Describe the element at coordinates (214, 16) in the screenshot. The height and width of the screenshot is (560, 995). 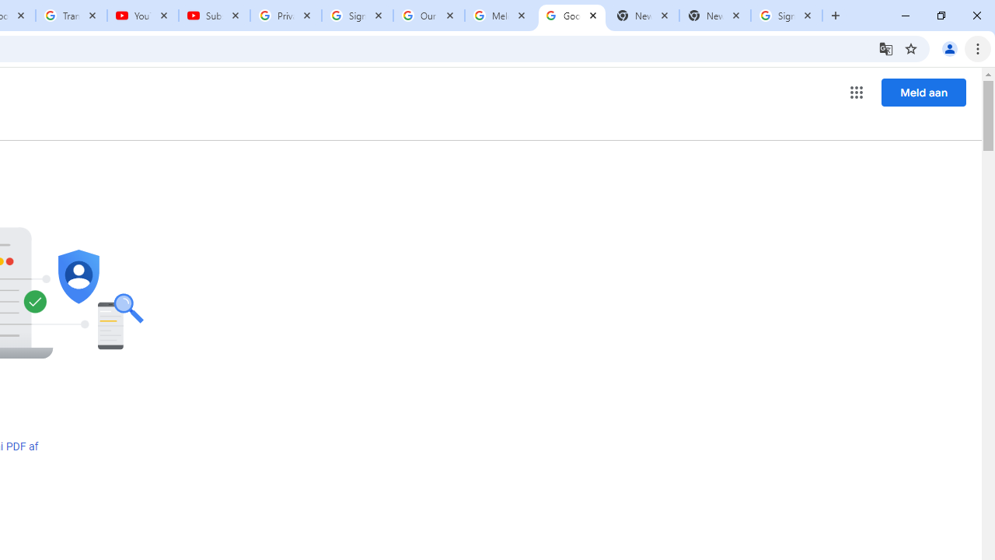
I see `'Subscriptions - YouTube'` at that location.